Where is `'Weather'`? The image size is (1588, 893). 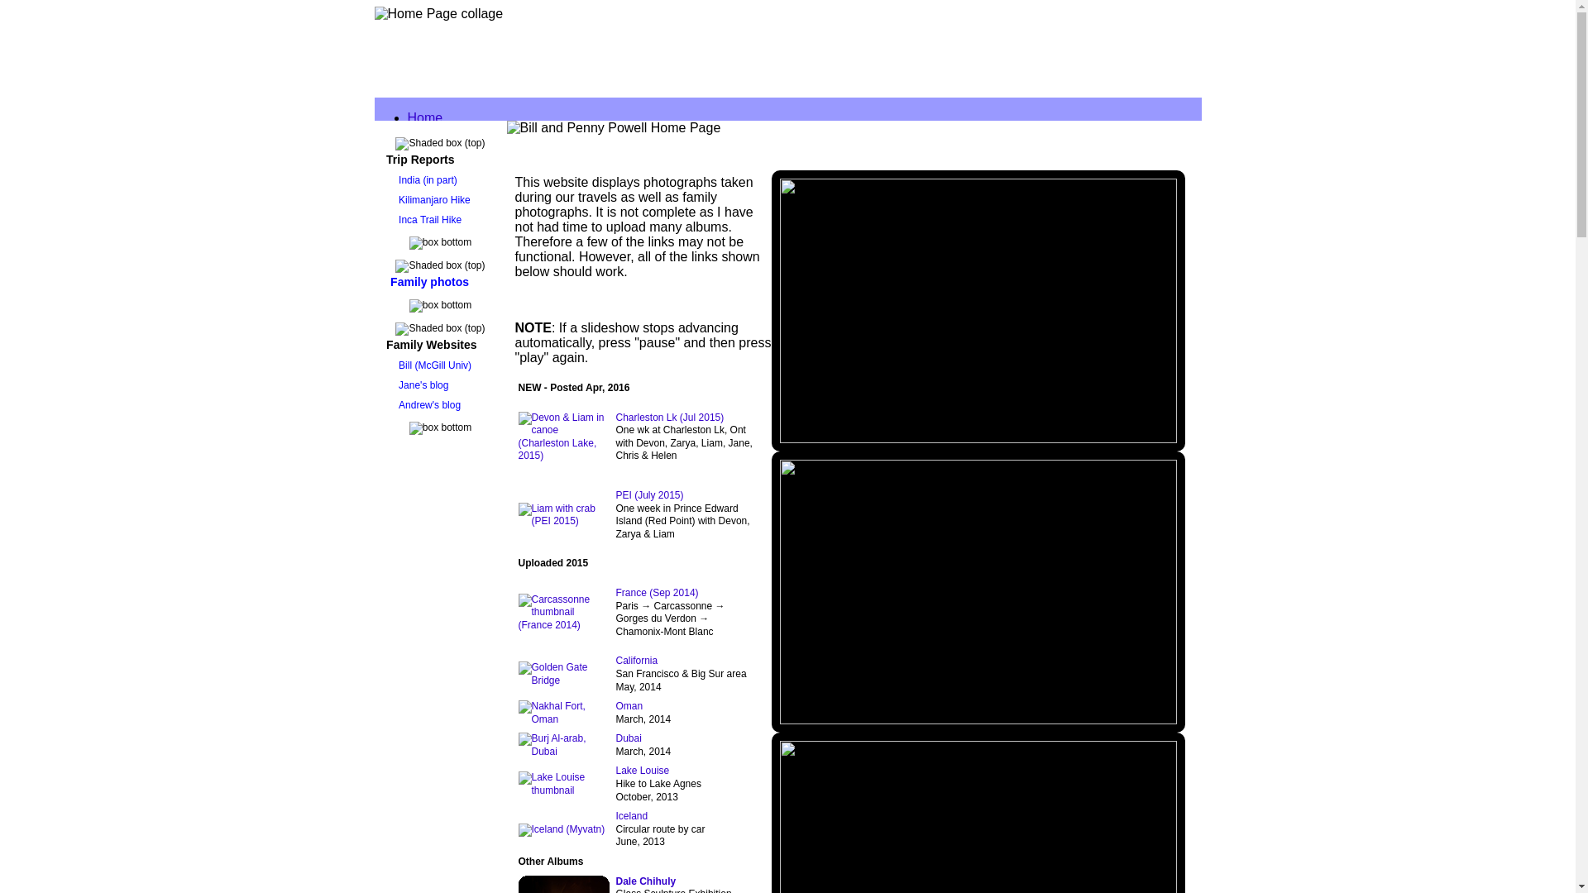 'Weather' is located at coordinates (463, 489).